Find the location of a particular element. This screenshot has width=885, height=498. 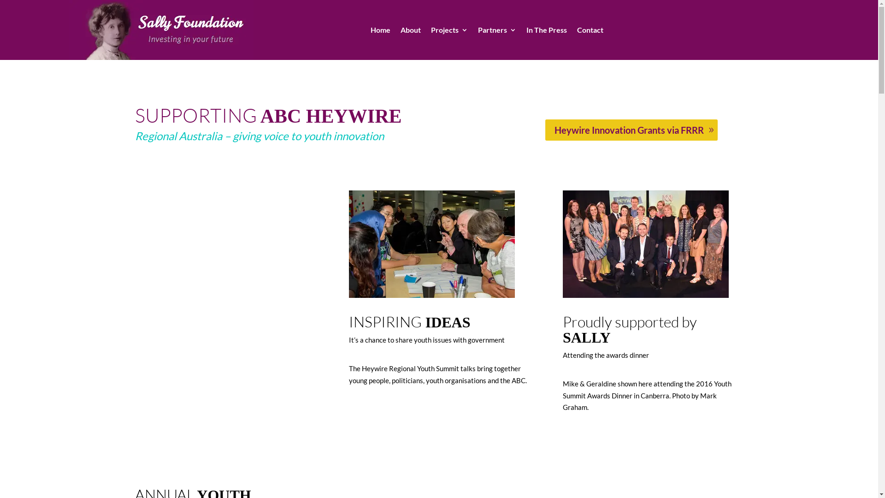

'Partners' is located at coordinates (478, 31).